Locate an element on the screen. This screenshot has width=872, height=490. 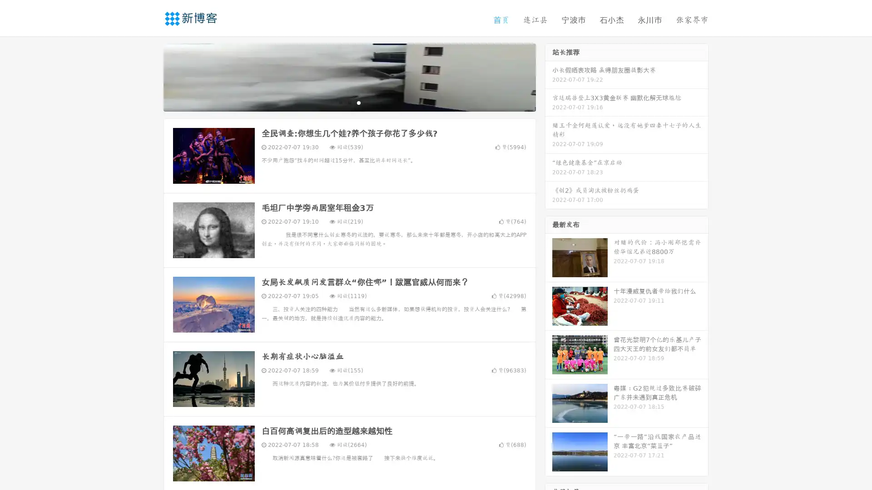
Next slide is located at coordinates (549, 76).